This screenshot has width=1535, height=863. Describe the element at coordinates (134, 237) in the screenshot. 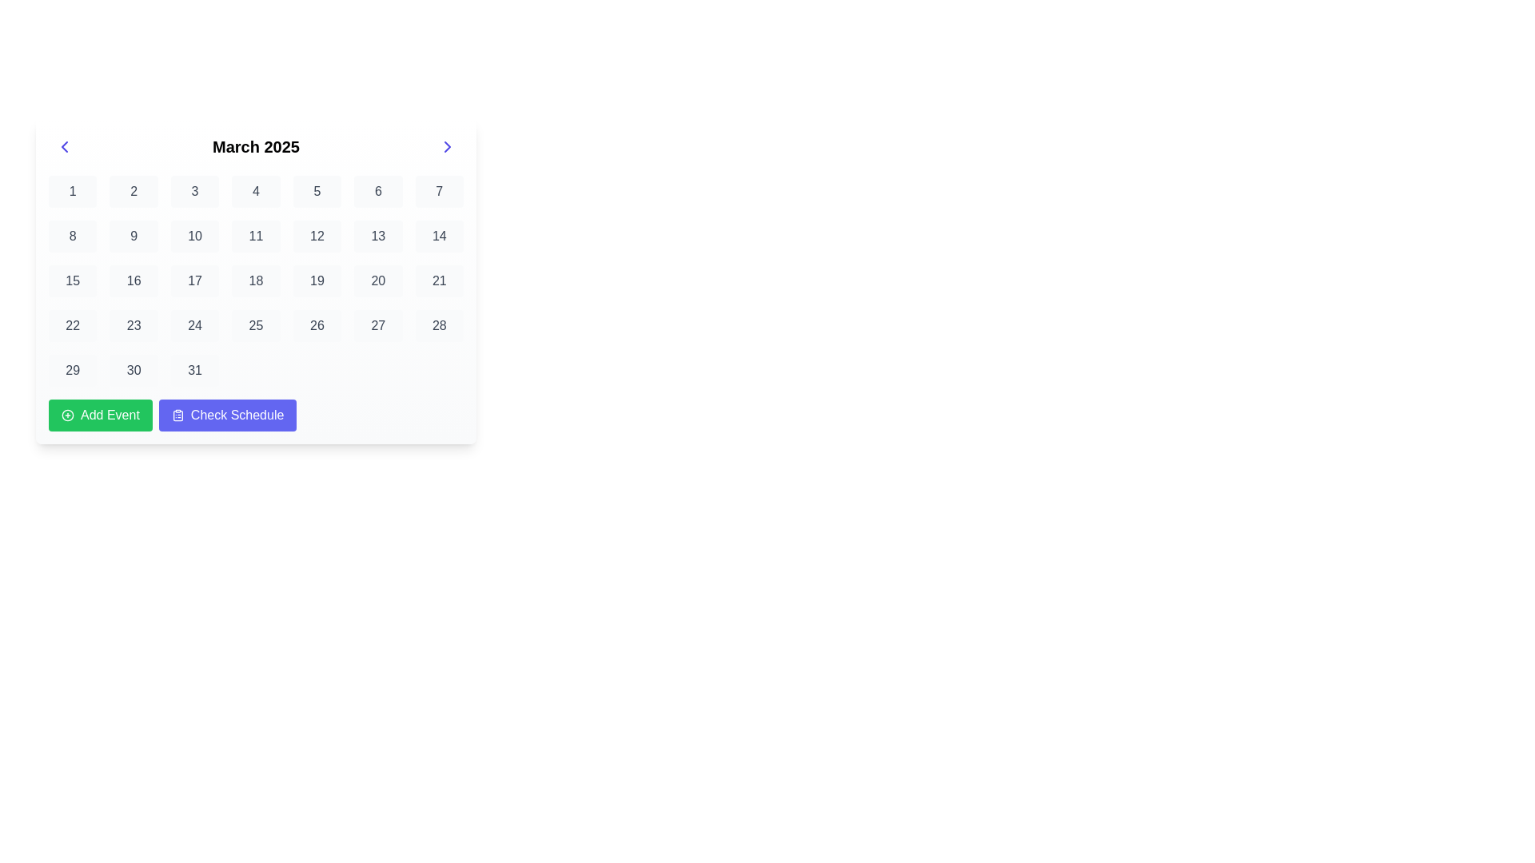

I see `the square-shaped button with a rounded appearance containing the numeral '9', located in the second row and second column of the calendar grid` at that location.